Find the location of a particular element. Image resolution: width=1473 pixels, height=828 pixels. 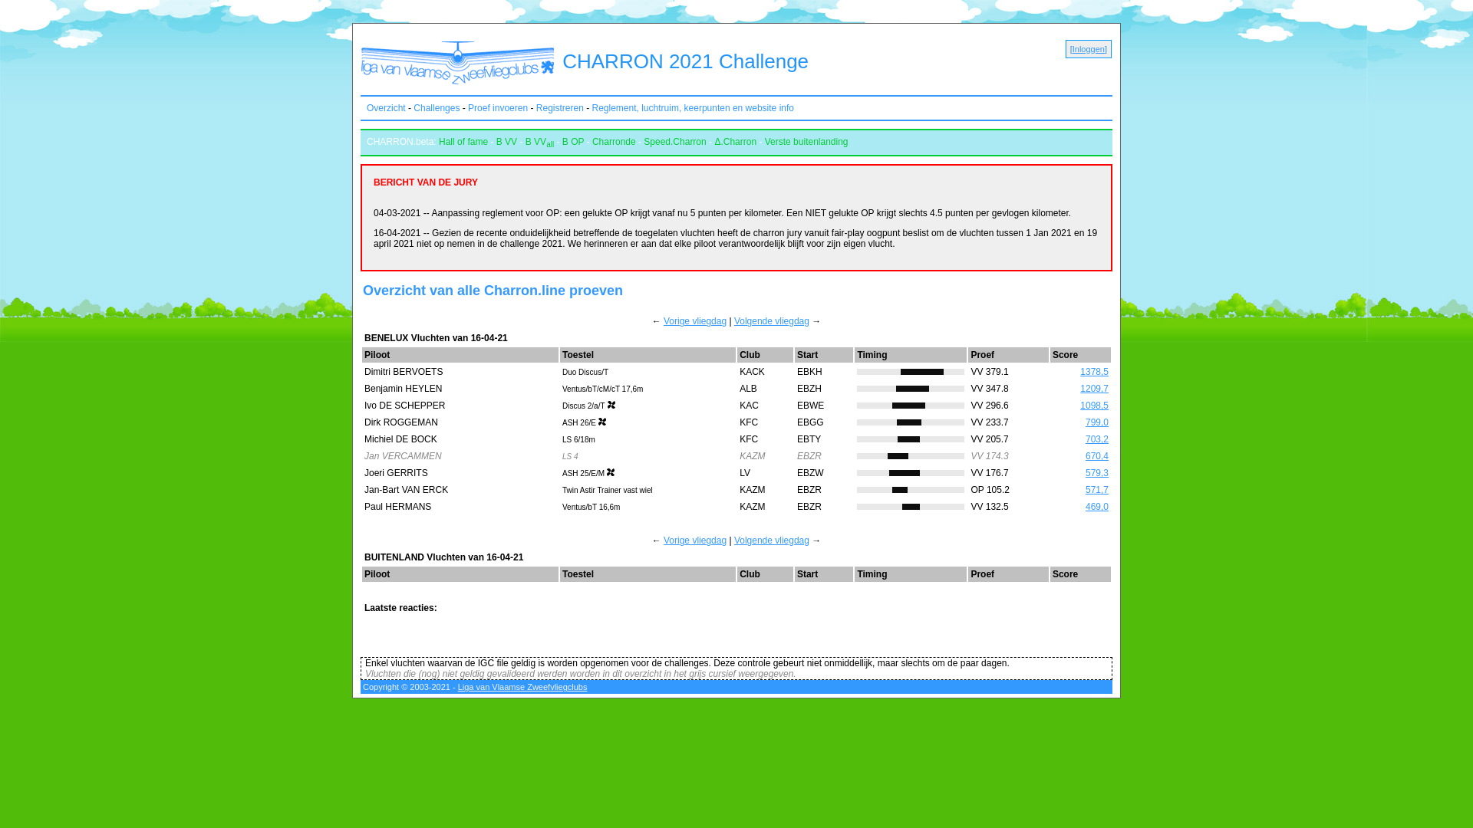

'579,3' is located at coordinates (1085, 472).